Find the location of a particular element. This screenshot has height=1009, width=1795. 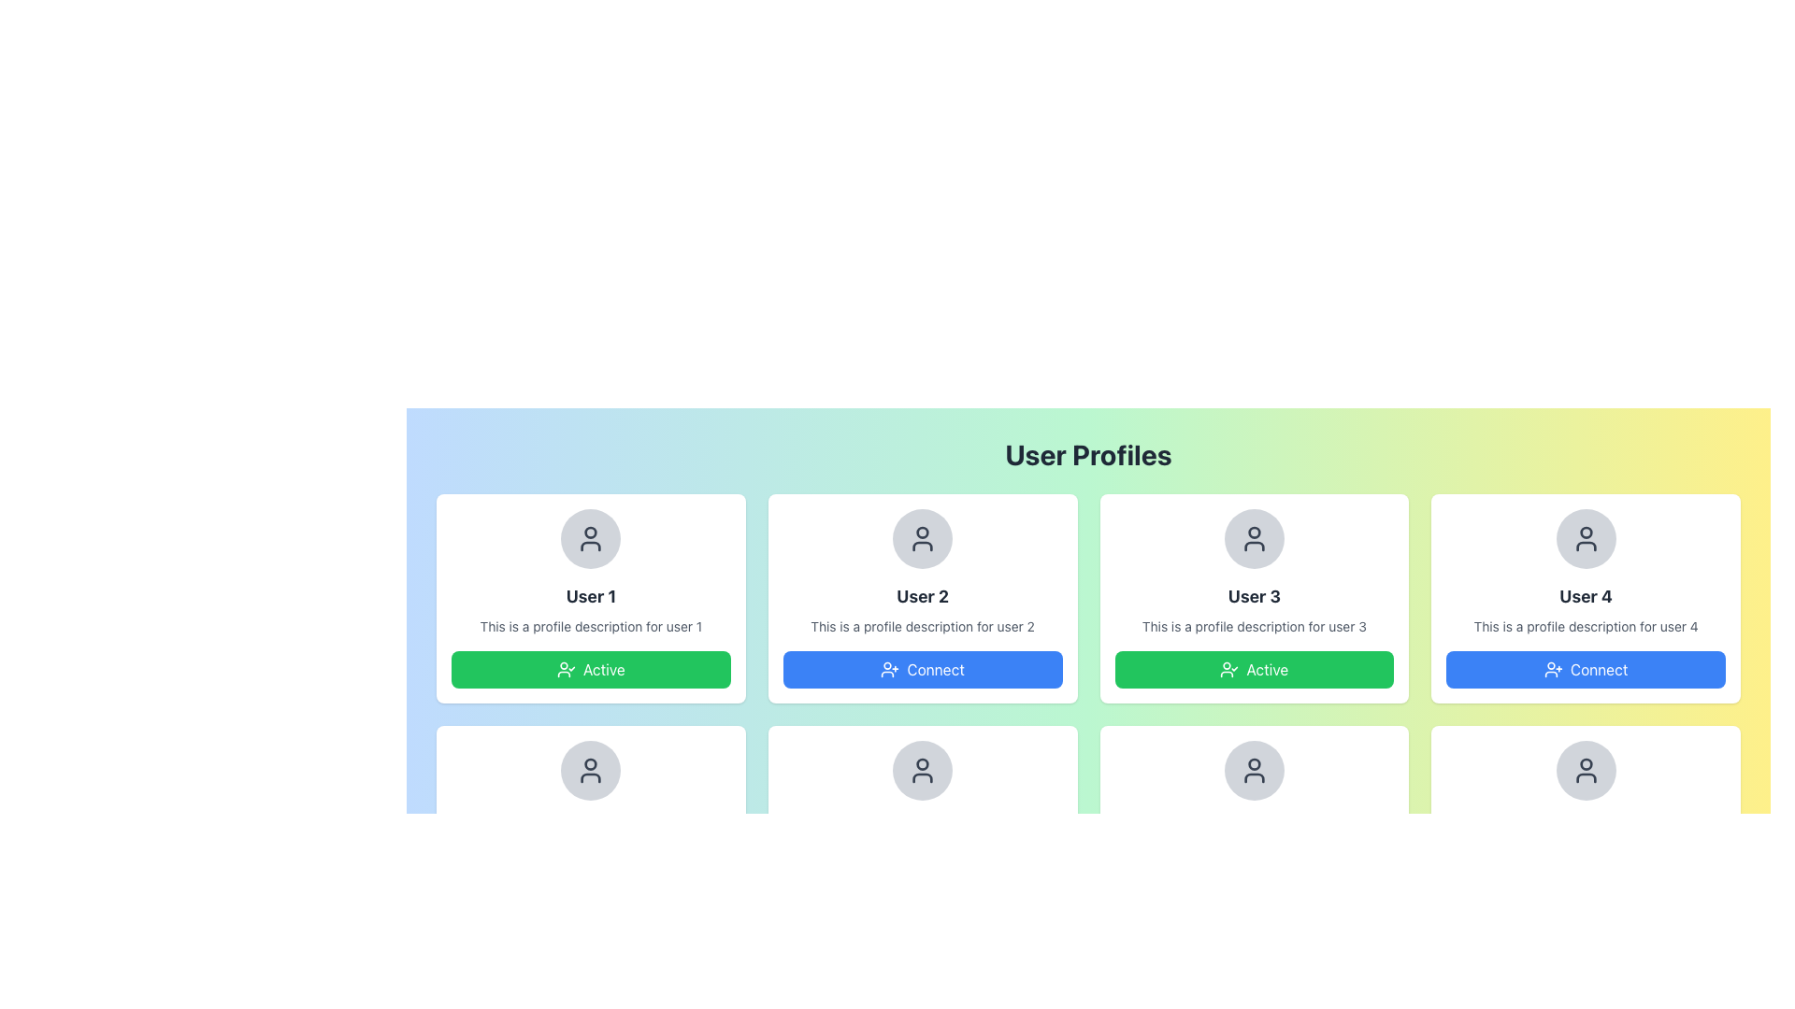

text from the title label of the user represented by the third card in the top row of user profile cards, which is centrally located above the user description text is located at coordinates (1254, 597).